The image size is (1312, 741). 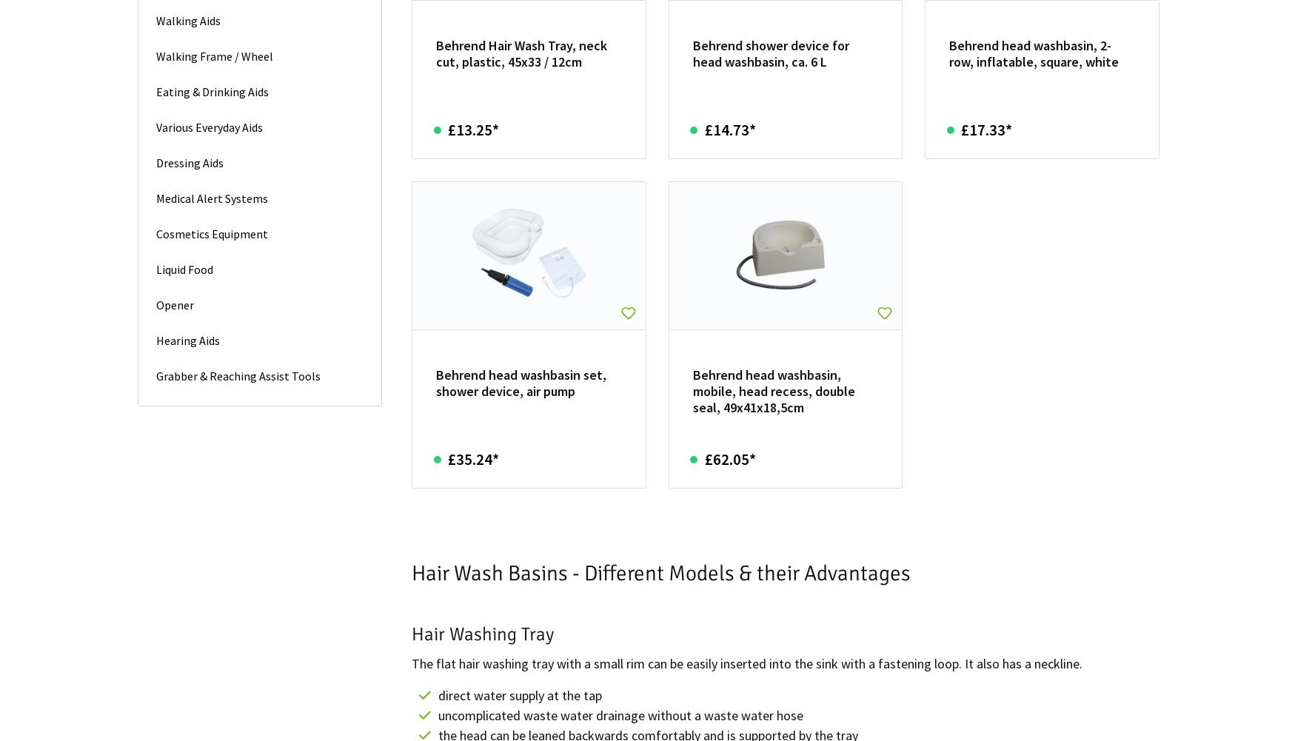 I want to click on 'direct water supply at the tap', so click(x=519, y=694).